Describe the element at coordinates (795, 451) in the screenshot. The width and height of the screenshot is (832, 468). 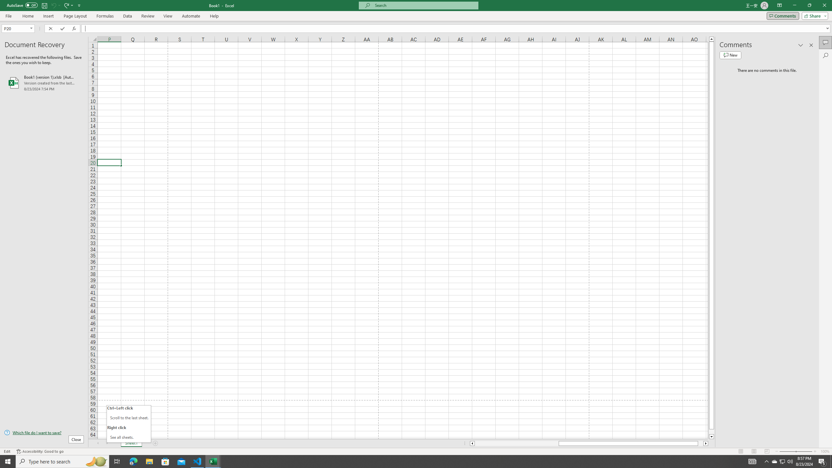
I see `'Zoom'` at that location.